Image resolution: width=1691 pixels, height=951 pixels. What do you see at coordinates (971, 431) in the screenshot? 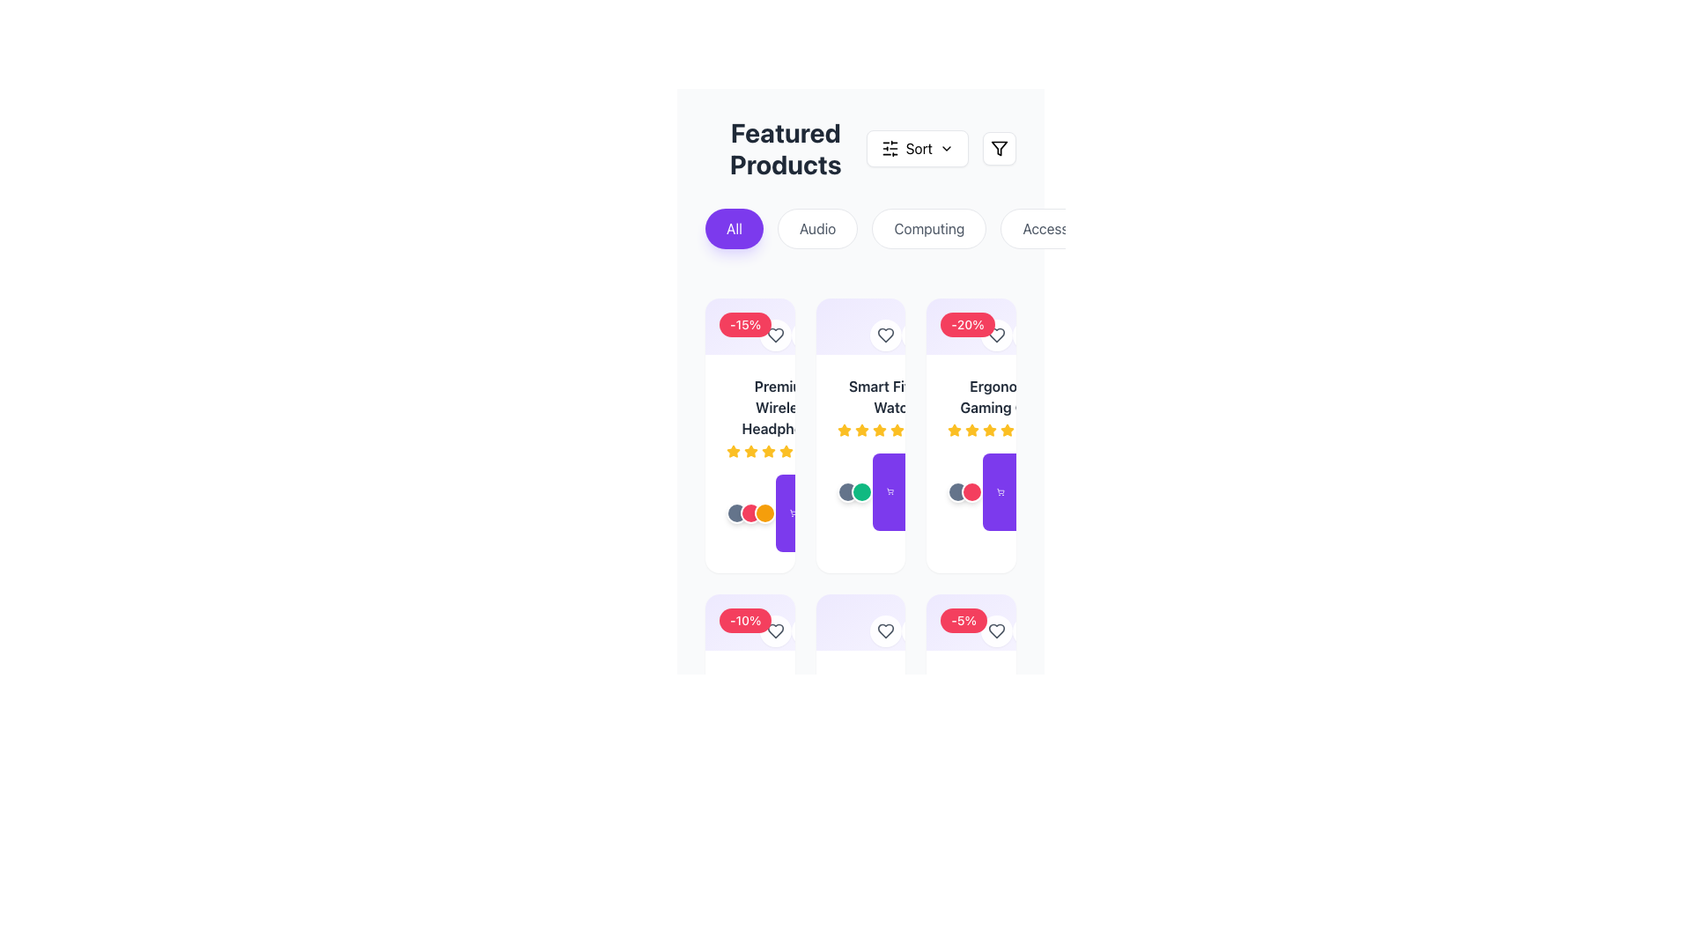
I see `the third star icon from the left in the rating display` at bounding box center [971, 431].